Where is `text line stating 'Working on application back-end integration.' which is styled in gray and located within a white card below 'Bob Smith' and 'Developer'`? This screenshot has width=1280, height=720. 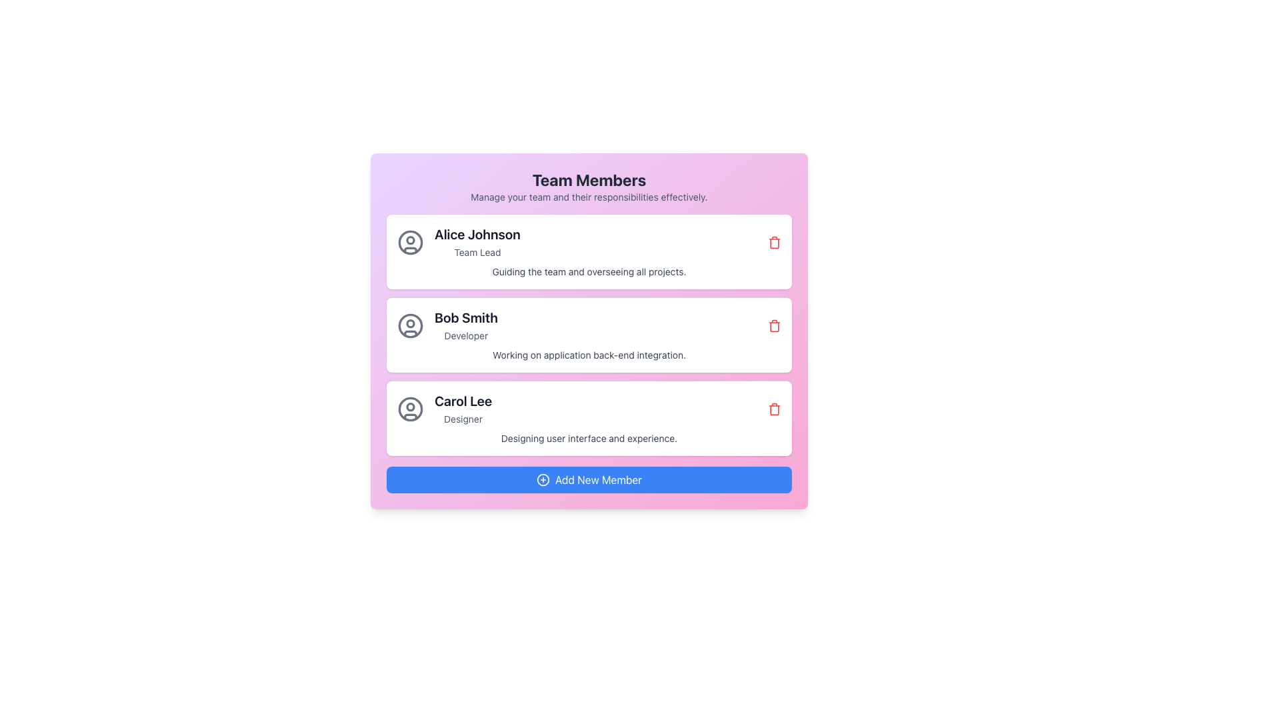 text line stating 'Working on application back-end integration.' which is styled in gray and located within a white card below 'Bob Smith' and 'Developer' is located at coordinates (588, 354).